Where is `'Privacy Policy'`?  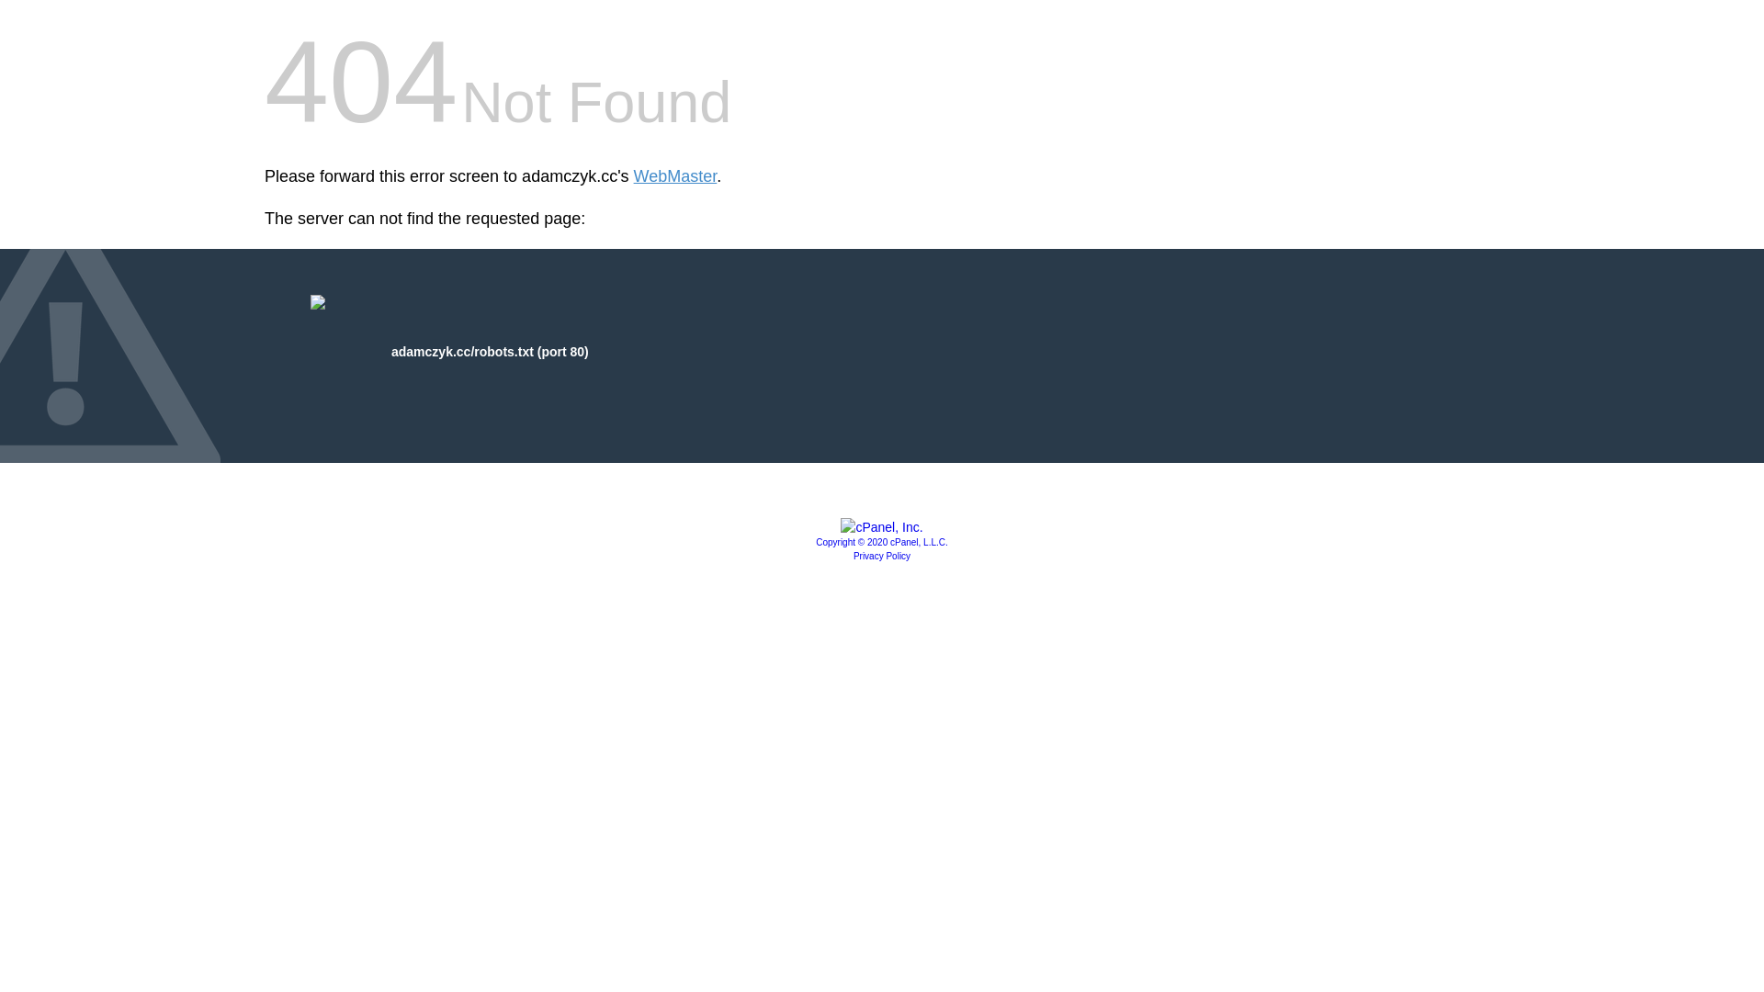
'Privacy Policy' is located at coordinates (882, 555).